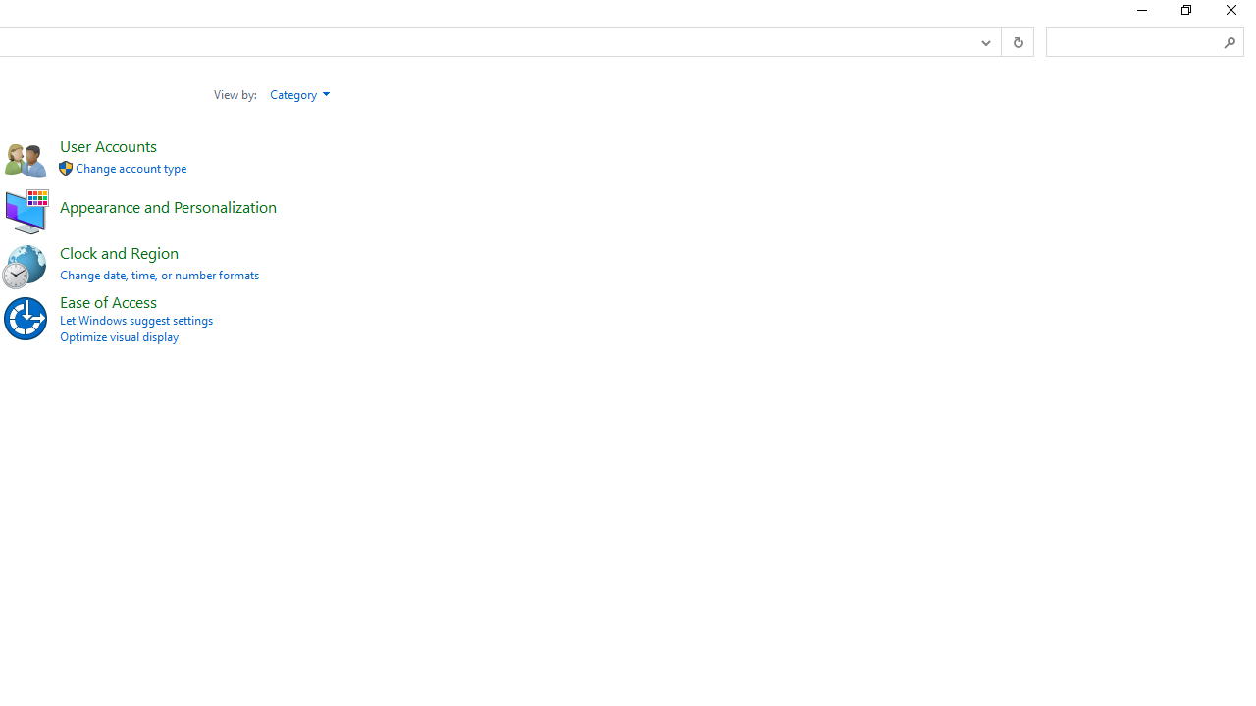 Image resolution: width=1256 pixels, height=706 pixels. I want to click on 'Optimize visual display', so click(118, 335).